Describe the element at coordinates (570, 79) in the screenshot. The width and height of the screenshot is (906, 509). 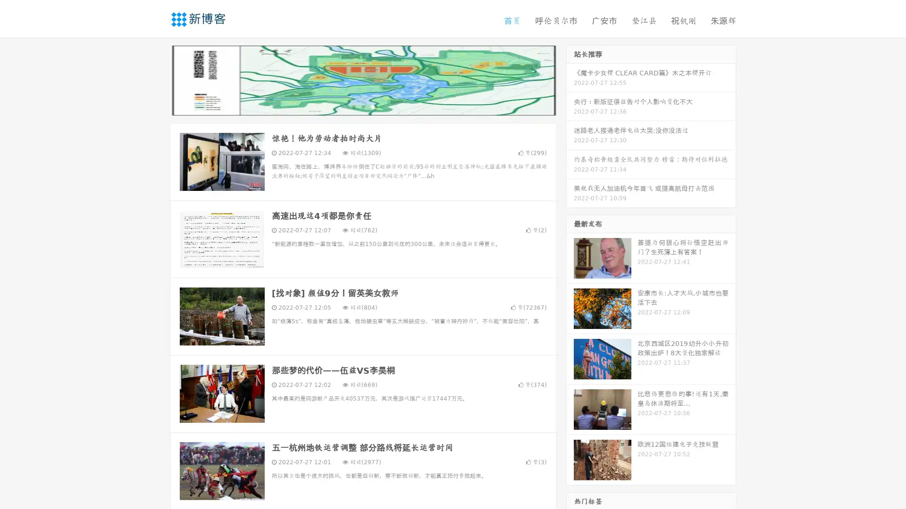
I see `Next slide` at that location.